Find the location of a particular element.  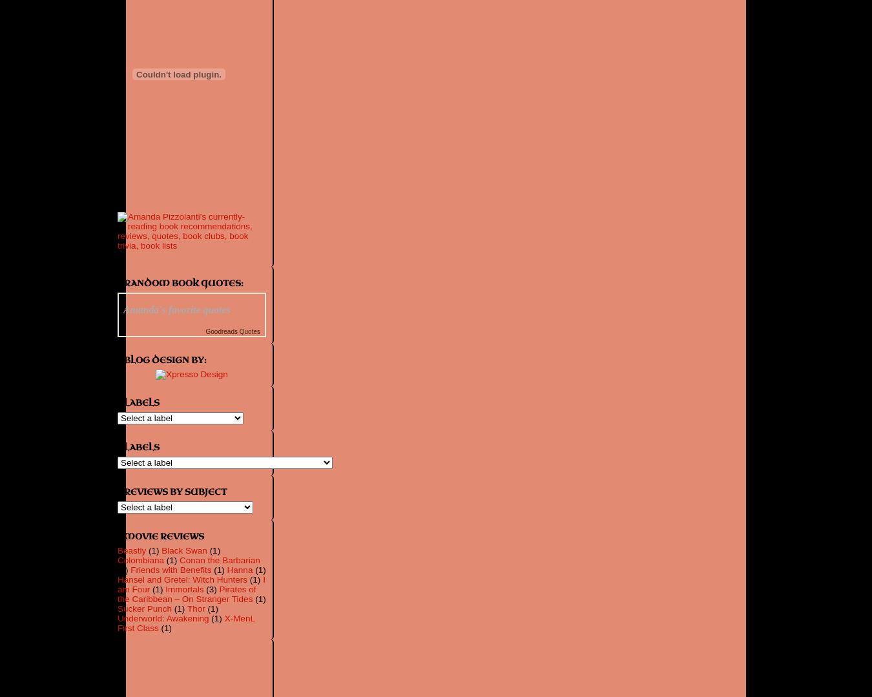

'Goodreads Quotes' is located at coordinates (233, 331).